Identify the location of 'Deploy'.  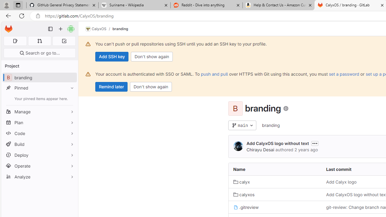
(39, 155).